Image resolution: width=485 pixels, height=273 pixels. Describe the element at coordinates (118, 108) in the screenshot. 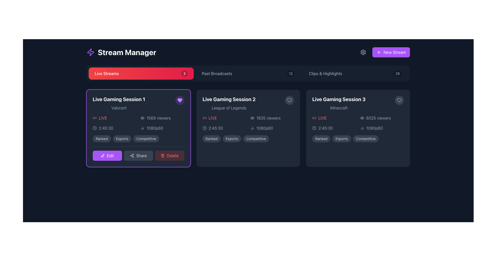

I see `the Text label indicating the name of the game associated with the live gaming session displayed in 'Live Gaming Session 1', located centrally below the title` at that location.